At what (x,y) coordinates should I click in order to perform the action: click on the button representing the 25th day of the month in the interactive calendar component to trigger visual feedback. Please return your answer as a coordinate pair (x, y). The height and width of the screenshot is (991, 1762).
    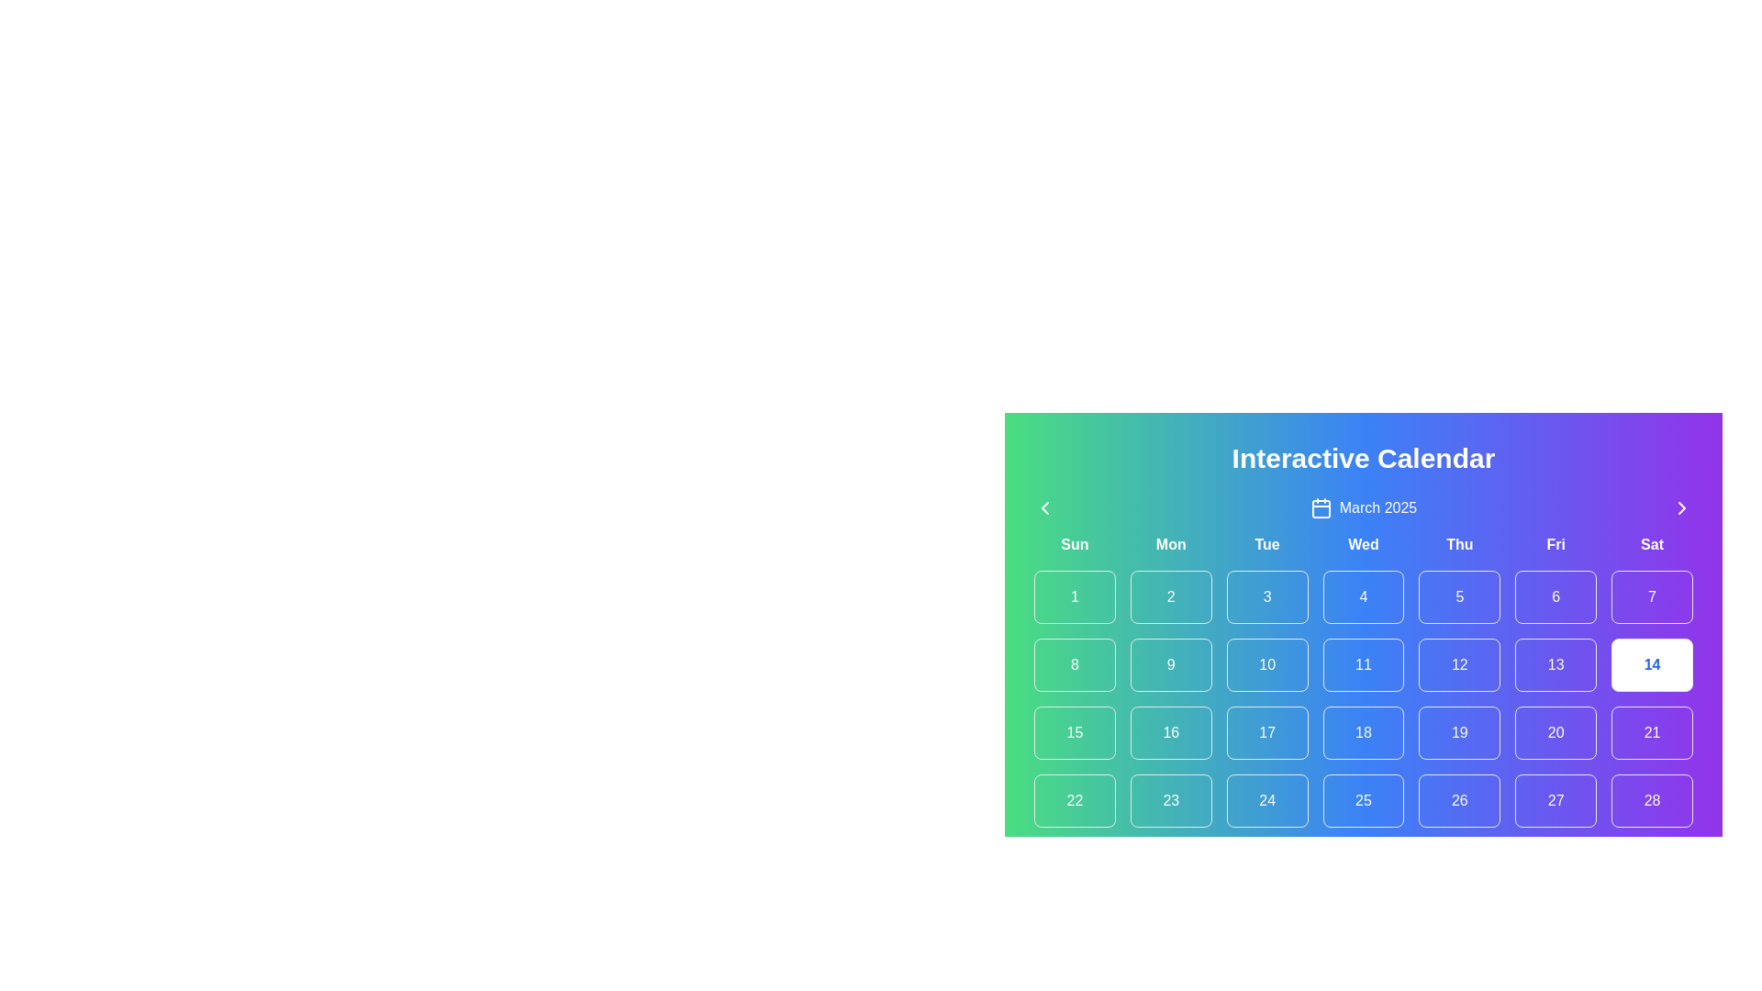
    Looking at the image, I should click on (1364, 799).